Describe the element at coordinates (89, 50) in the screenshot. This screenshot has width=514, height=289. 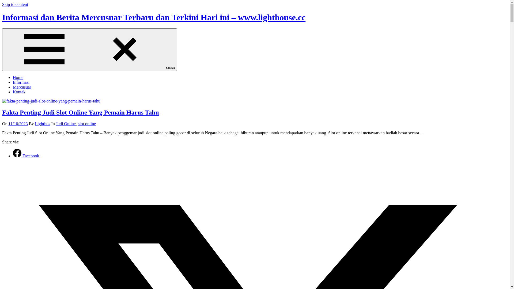
I see `'Menu'` at that location.